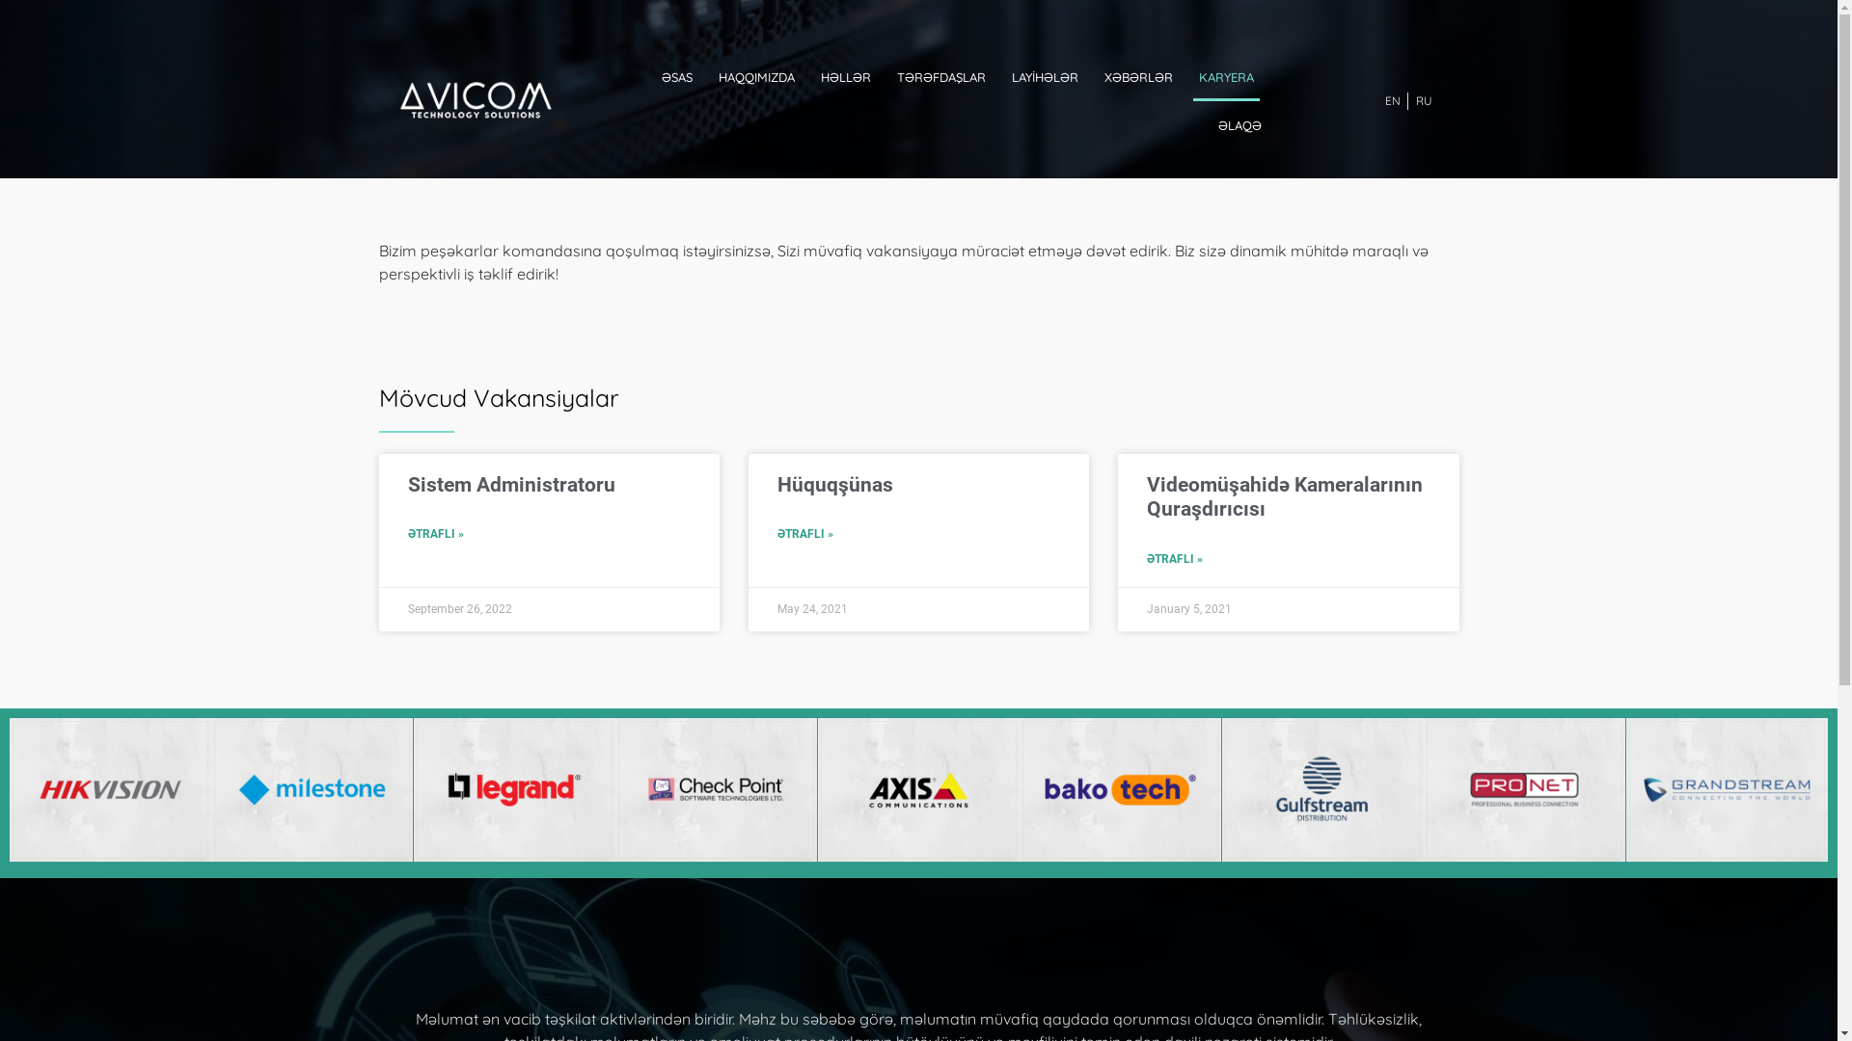  I want to click on 'HAQQIMIZDA', so click(755, 76).